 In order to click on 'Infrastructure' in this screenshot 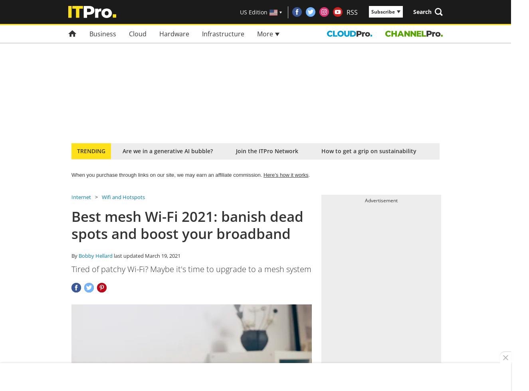, I will do `click(223, 34)`.